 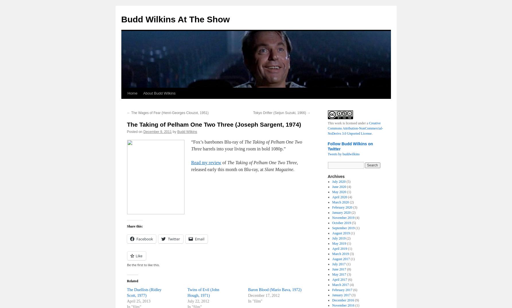 I want to click on 'November 2019', so click(x=343, y=218).